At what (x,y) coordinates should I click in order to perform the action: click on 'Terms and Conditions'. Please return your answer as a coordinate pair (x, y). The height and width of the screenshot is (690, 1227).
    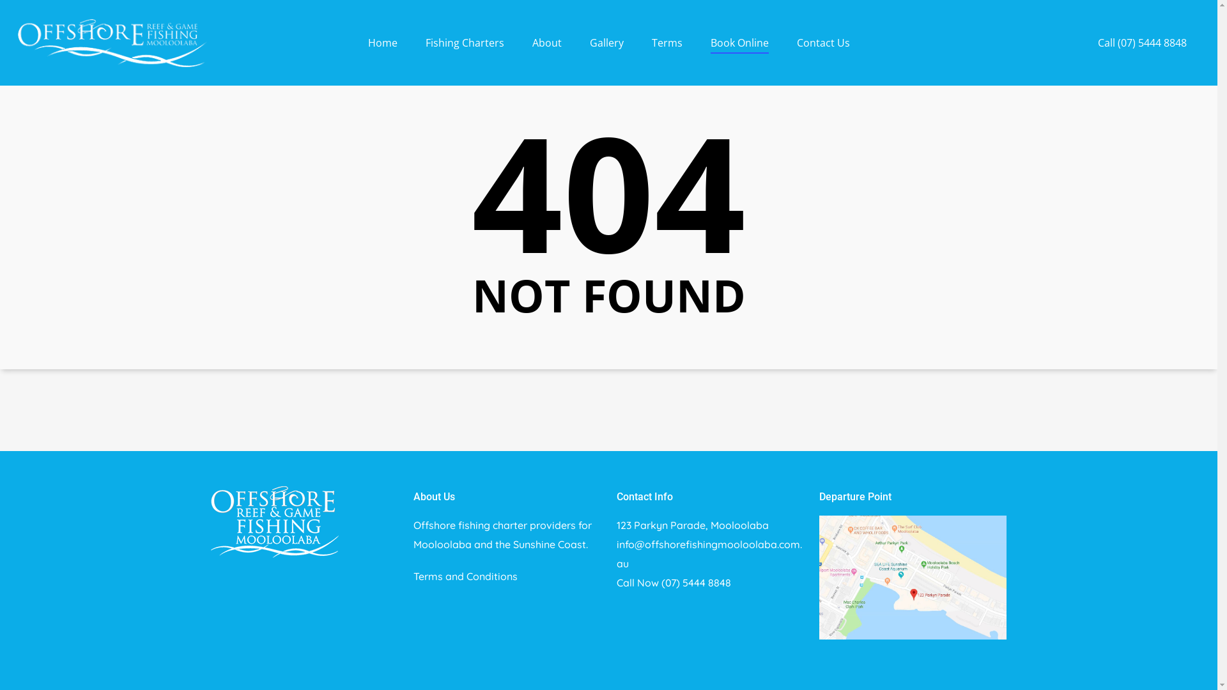
    Looking at the image, I should click on (465, 576).